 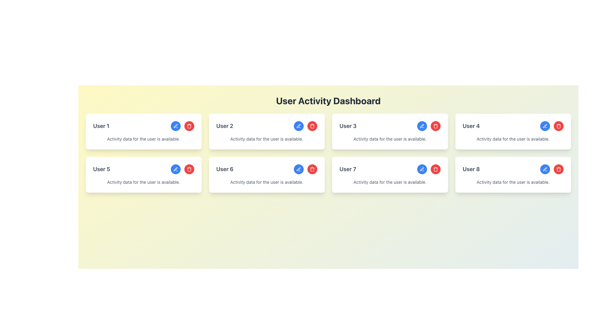 What do you see at coordinates (267, 182) in the screenshot?
I see `the text label that says 'Activity data for the user is available.' located below the 'User 6' heading within the 'User 6' card` at bounding box center [267, 182].